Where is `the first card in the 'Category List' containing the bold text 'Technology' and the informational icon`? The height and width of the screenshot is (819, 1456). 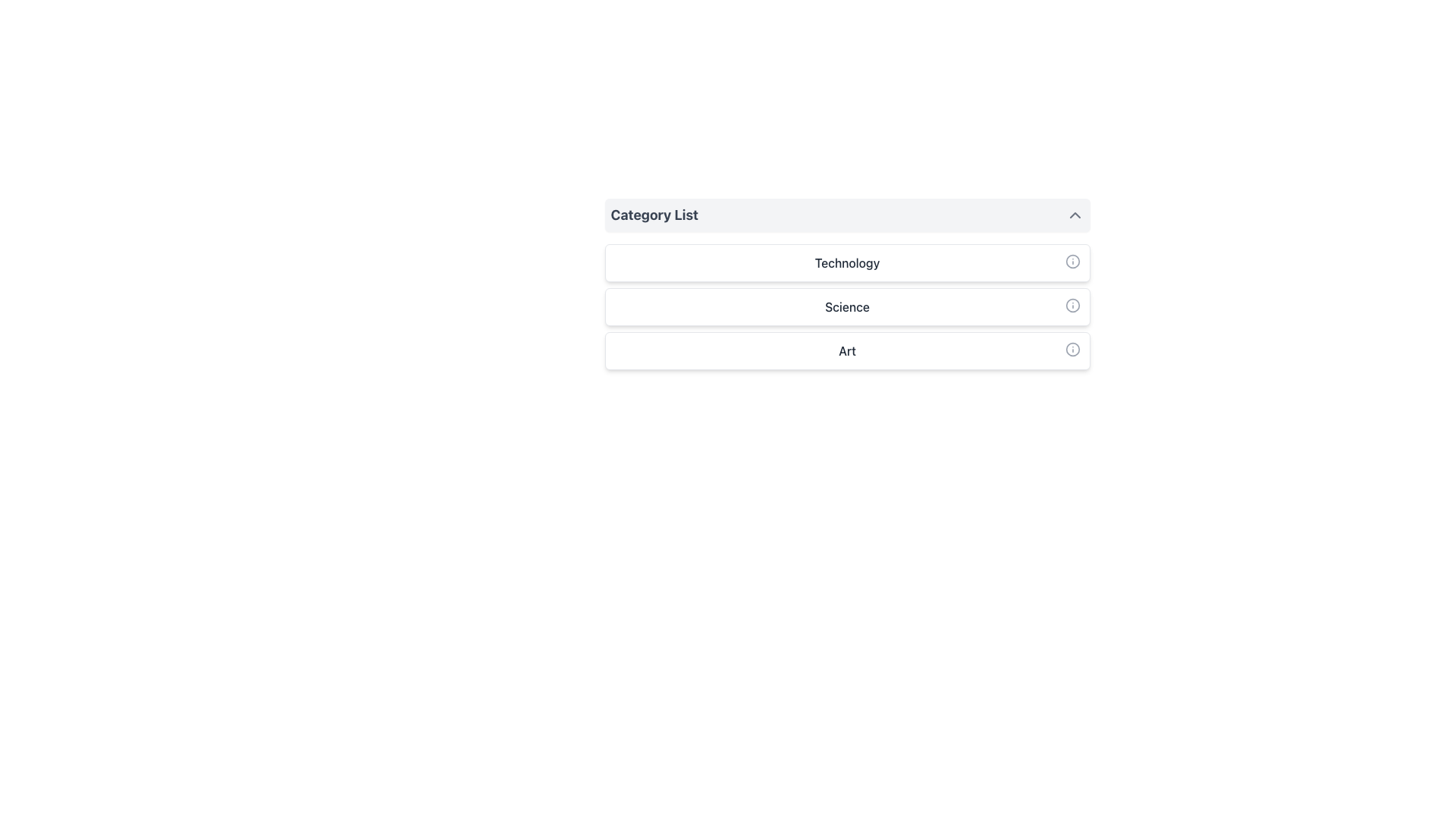 the first card in the 'Category List' containing the bold text 'Technology' and the informational icon is located at coordinates (846, 262).